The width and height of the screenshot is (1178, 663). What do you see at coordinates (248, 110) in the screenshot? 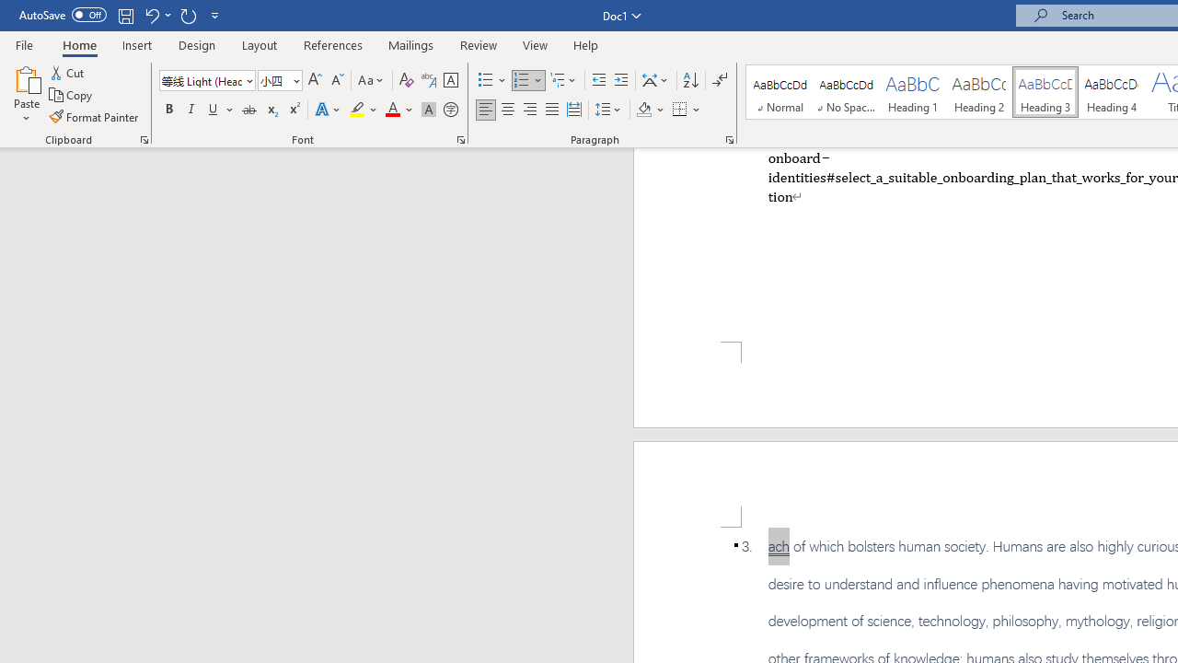
I see `'Strikethrough'` at bounding box center [248, 110].